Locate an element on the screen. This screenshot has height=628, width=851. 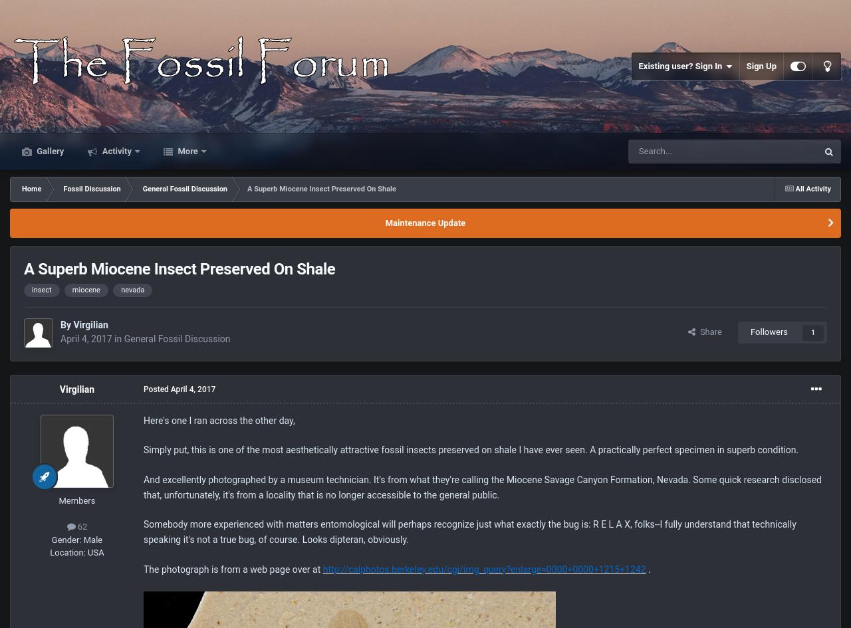
'Blog Entries' is located at coordinates (717, 310).